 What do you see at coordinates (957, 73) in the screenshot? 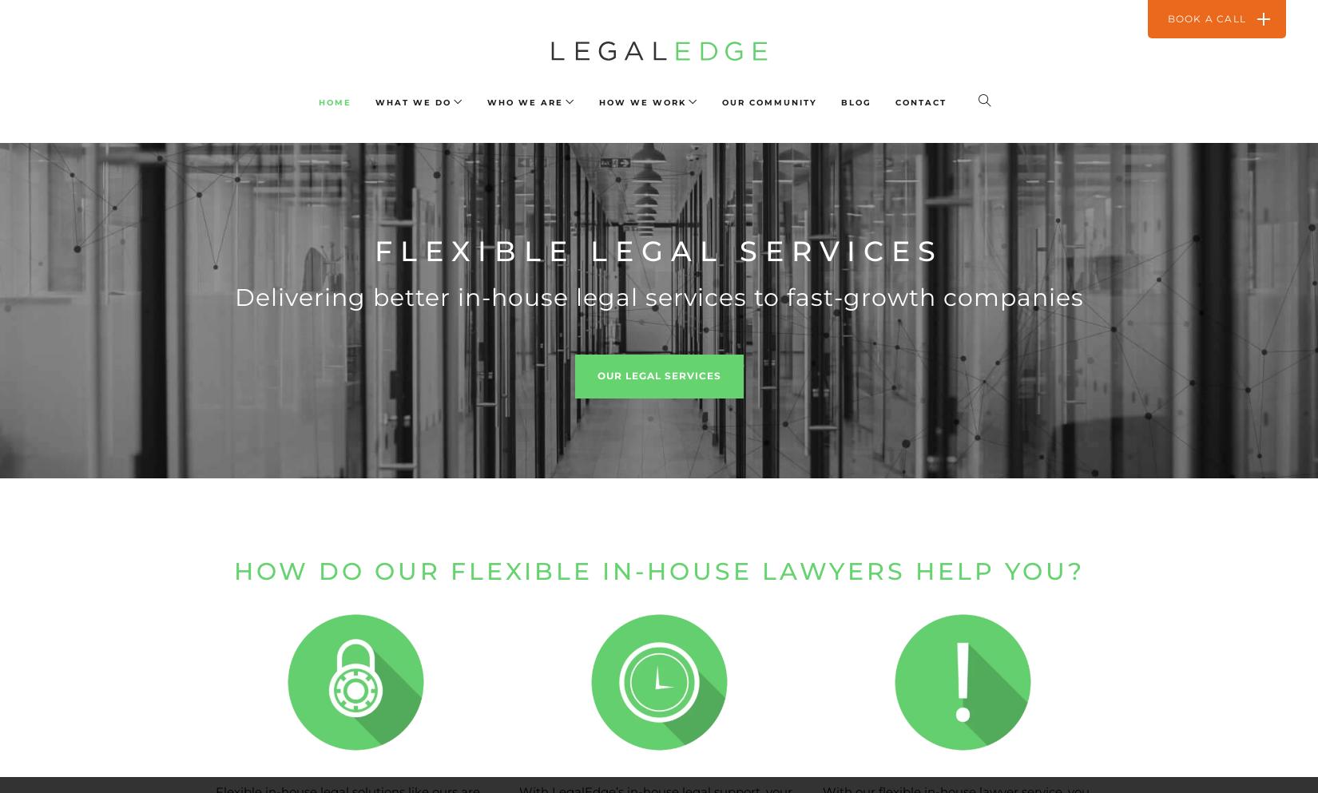
I see `'save time and money because we don’t over-lawyer, don’t do long contracts or endless negotiations and don’t put the clock on and leave it on. We are not a law firm.'` at bounding box center [957, 73].